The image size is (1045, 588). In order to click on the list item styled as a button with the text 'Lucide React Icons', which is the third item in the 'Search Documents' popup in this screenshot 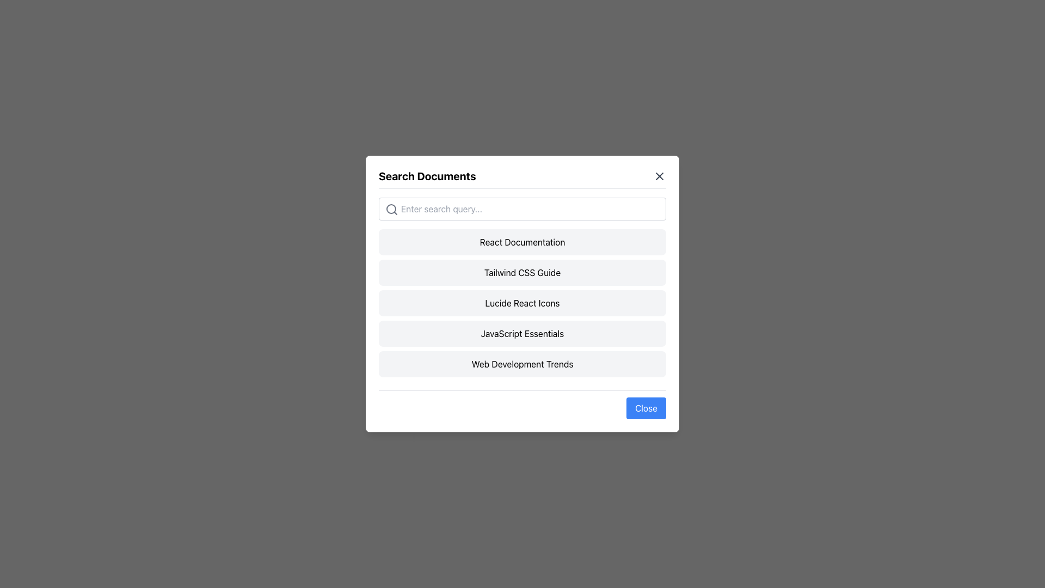, I will do `click(522, 303)`.